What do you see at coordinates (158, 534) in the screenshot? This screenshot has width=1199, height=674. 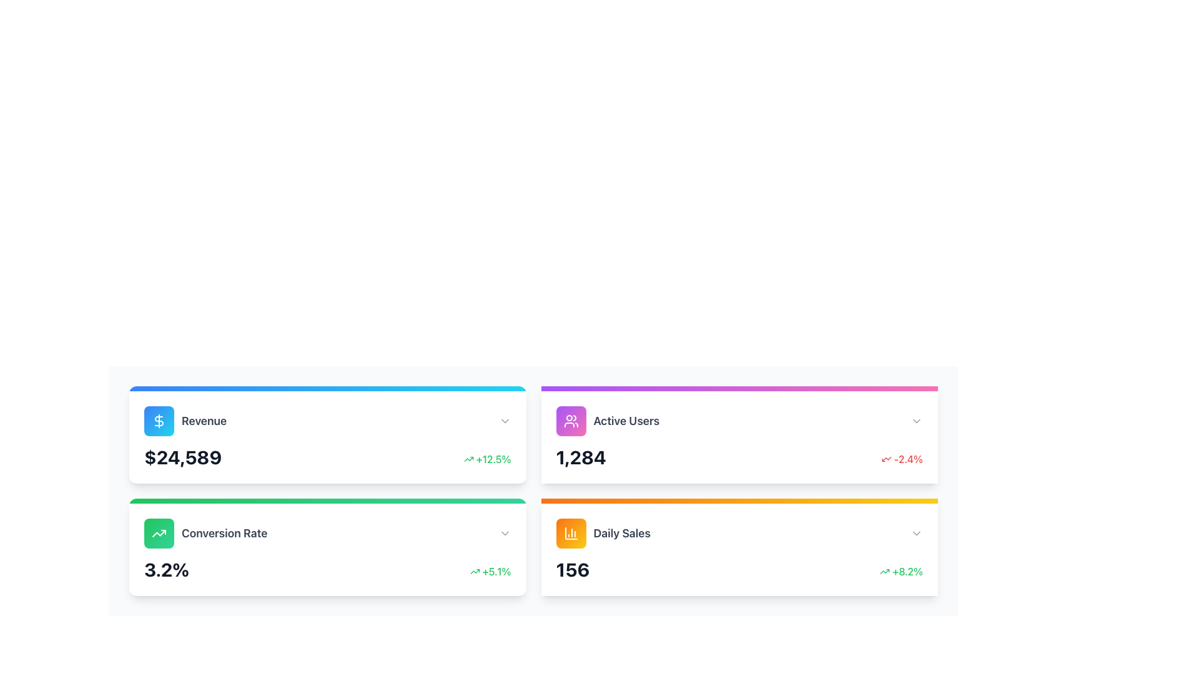 I see `the icon representing the 'Conversion Rate' section, which is located immediately to the left of the text 'Conversion Rate' and above the percentage value` at bounding box center [158, 534].